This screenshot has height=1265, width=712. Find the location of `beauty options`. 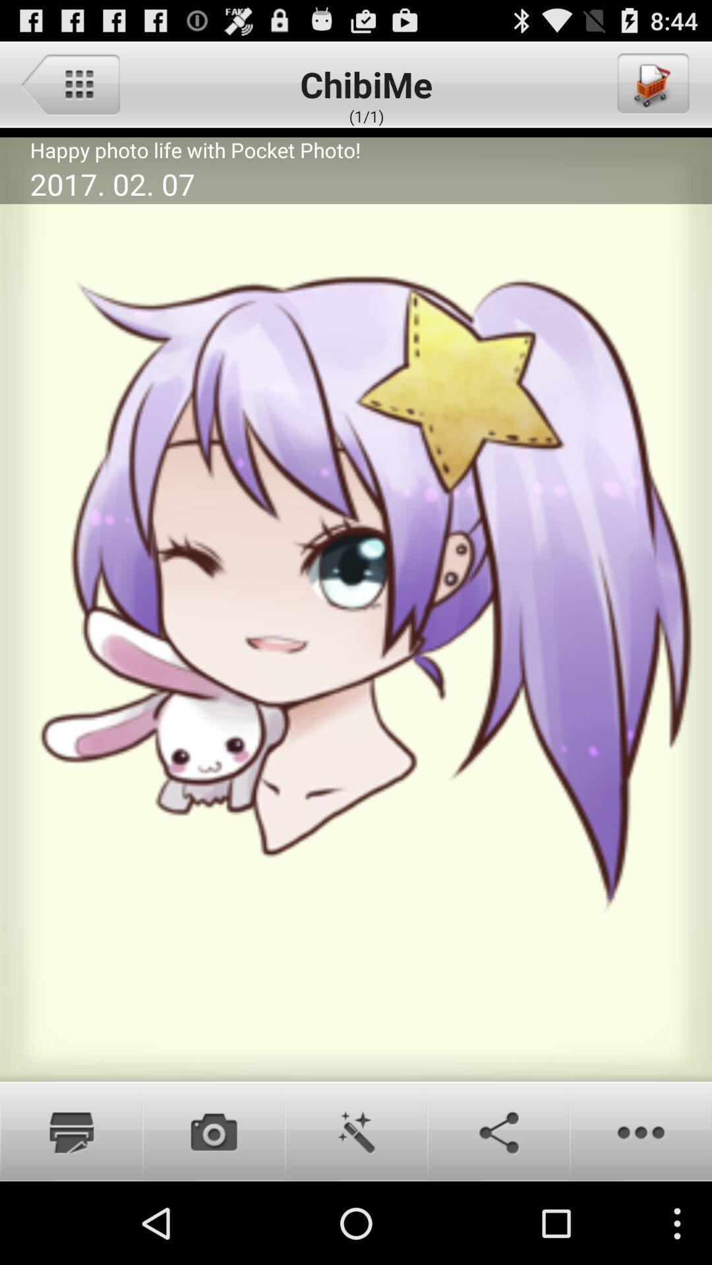

beauty options is located at coordinates (356, 1131).